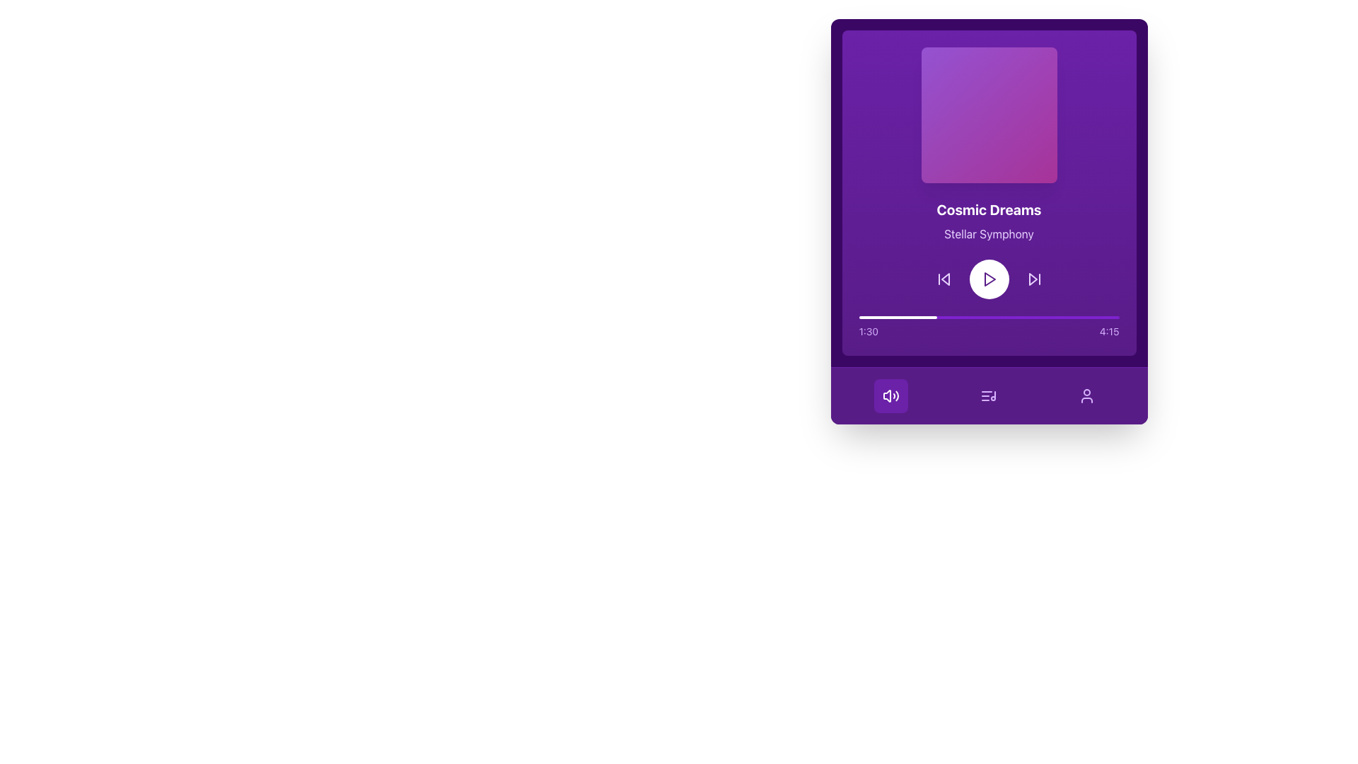  I want to click on the progress bar located at the bottom of the music player card layout, so click(988, 327).